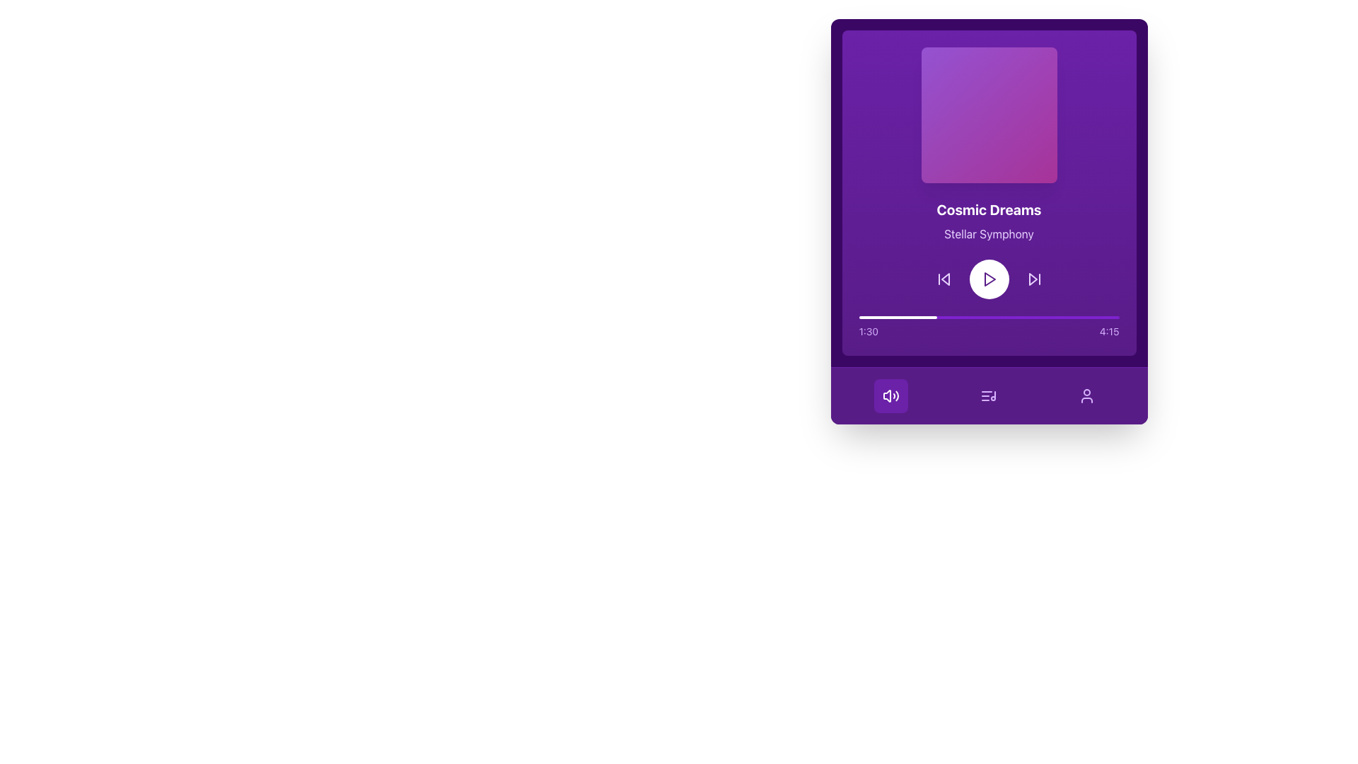  I want to click on the progress bar located at the bottom of the music player card layout, so click(988, 327).